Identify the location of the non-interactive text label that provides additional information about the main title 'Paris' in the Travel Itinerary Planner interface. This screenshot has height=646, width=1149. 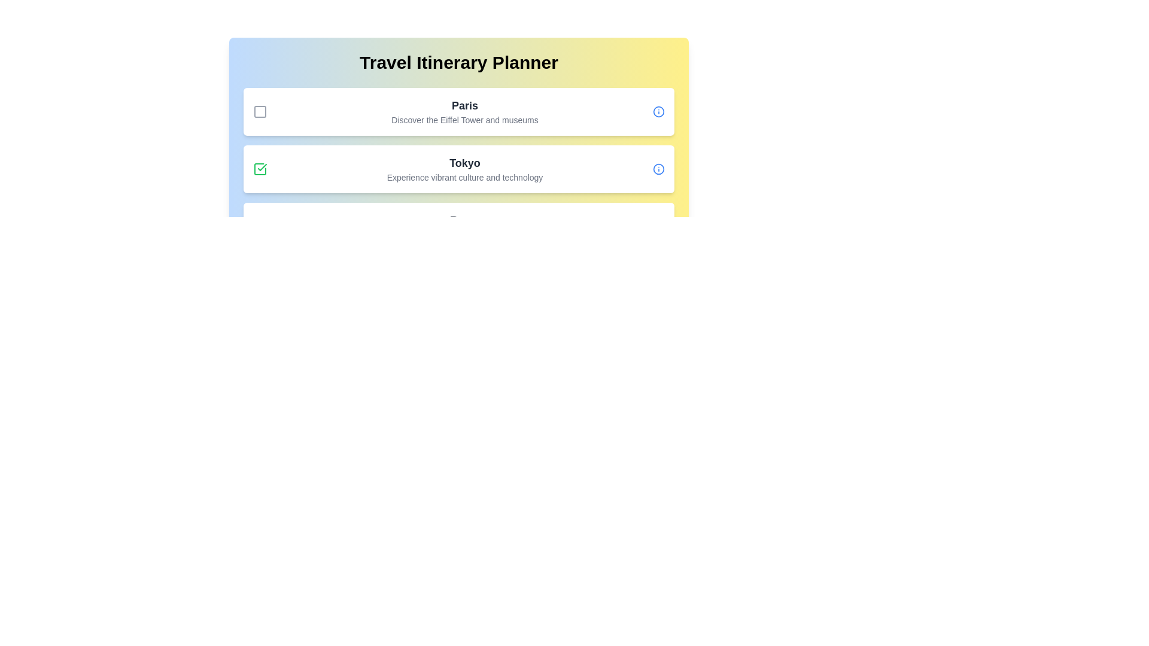
(464, 120).